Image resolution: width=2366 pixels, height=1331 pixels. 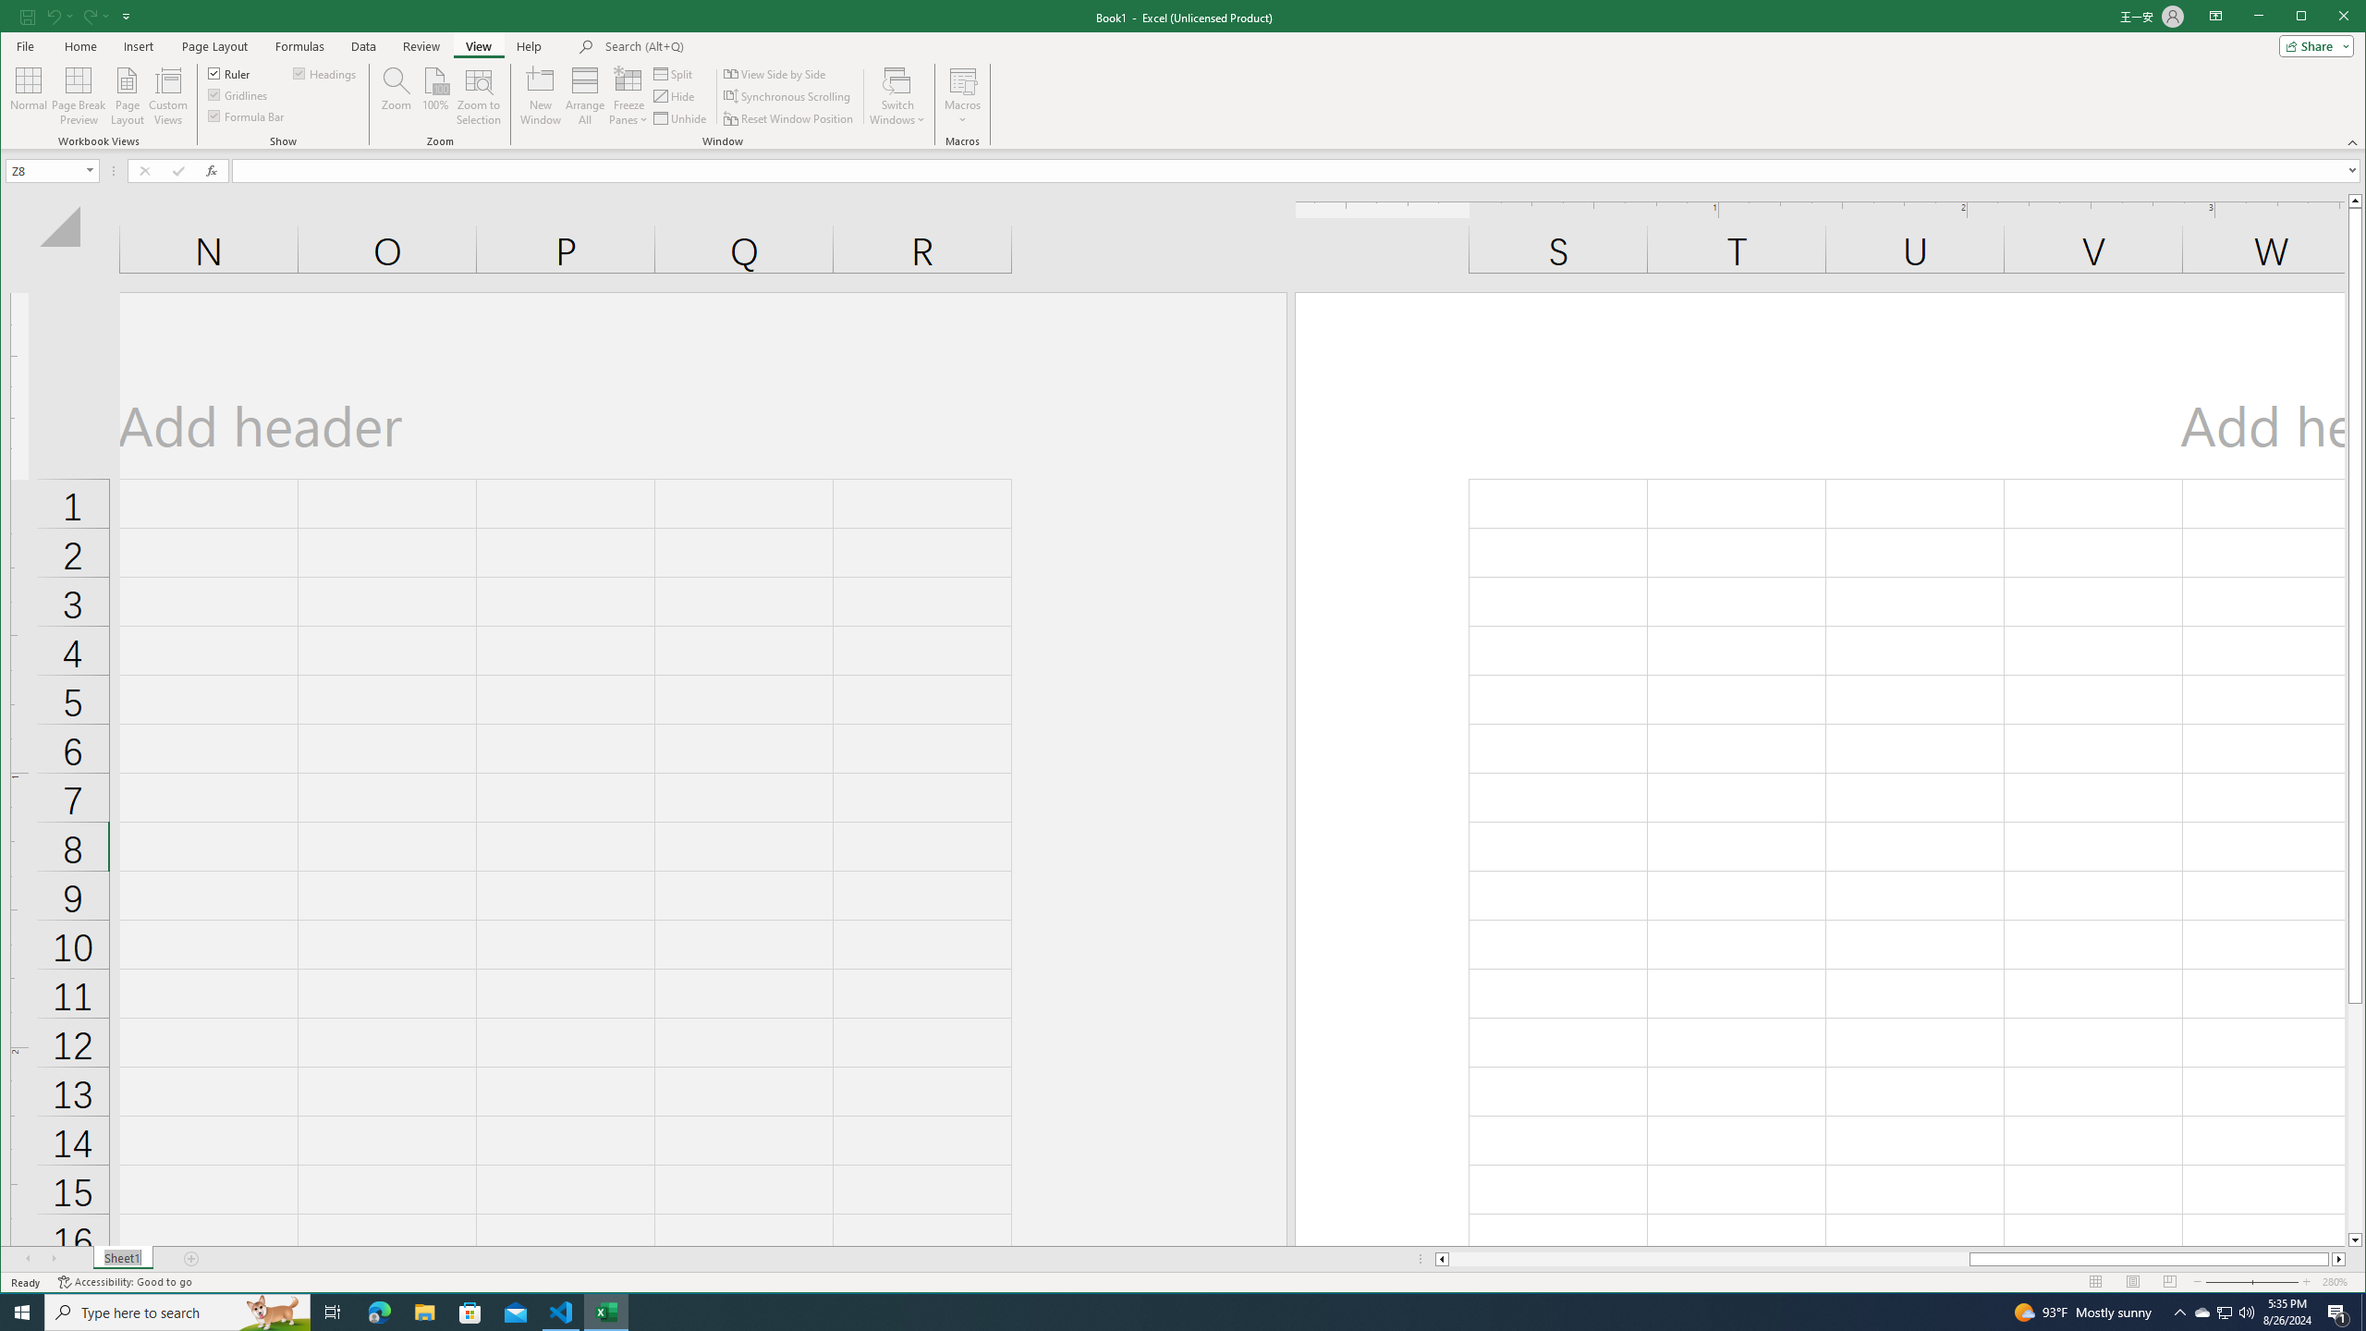 I want to click on 'Search highlights icon opens search home window', so click(x=272, y=1311).